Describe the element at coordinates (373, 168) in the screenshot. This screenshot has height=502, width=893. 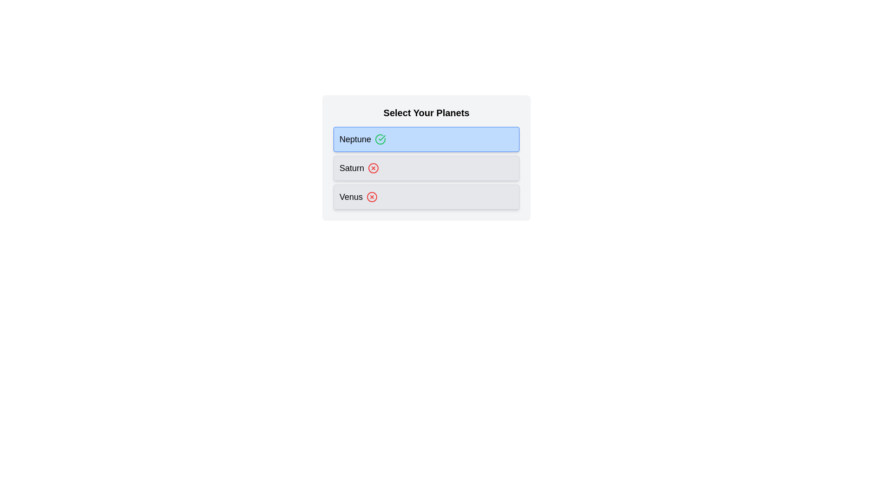
I see `the chip labeled Saturn` at that location.